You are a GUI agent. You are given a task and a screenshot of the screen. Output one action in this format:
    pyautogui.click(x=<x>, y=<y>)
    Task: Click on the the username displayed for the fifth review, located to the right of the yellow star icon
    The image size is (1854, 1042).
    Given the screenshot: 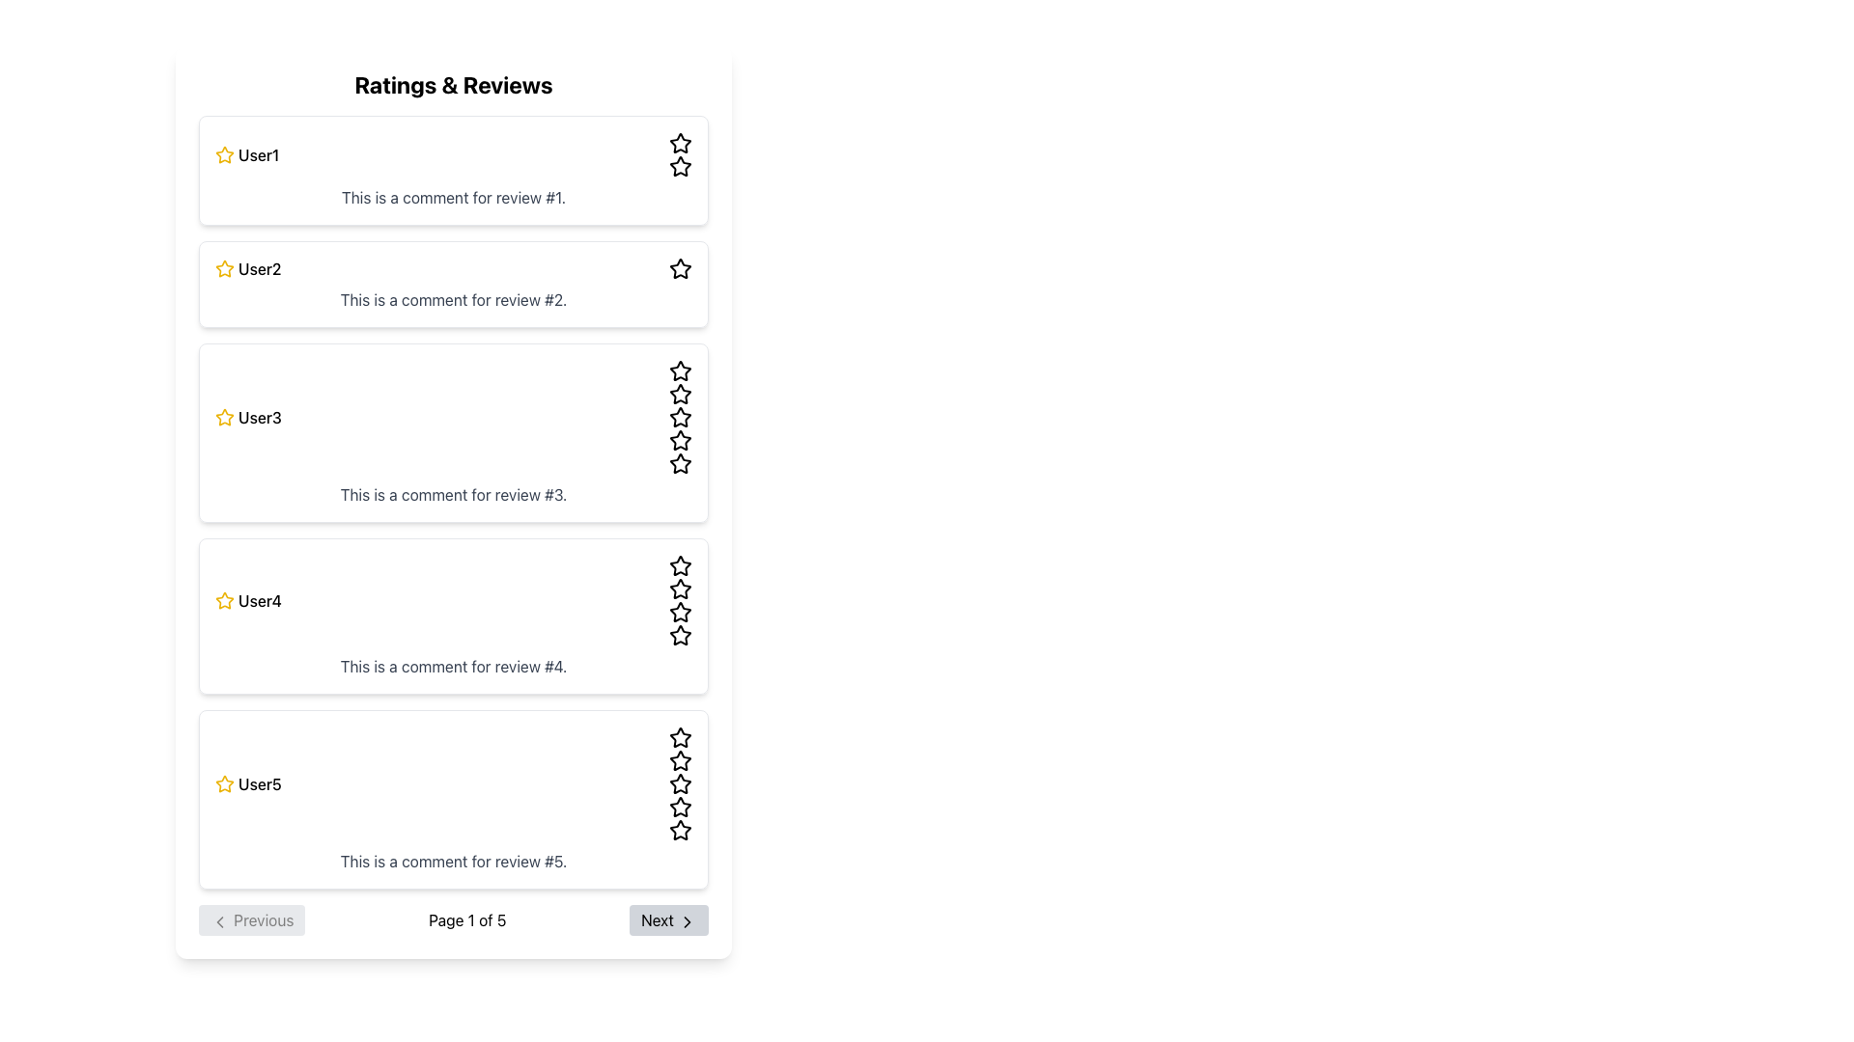 What is the action you would take?
    pyautogui.click(x=259, y=784)
    